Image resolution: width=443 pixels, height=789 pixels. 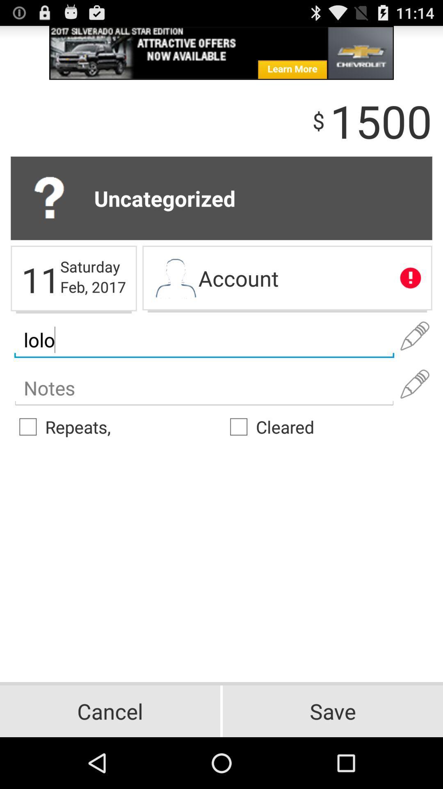 I want to click on the advertisement, so click(x=221, y=52).